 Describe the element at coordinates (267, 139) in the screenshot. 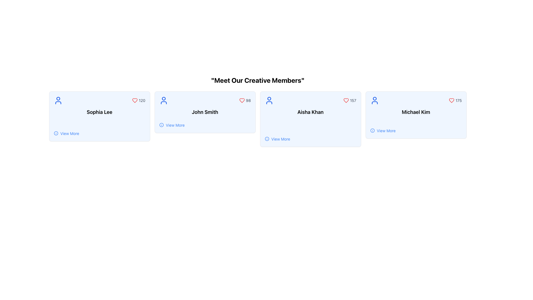

I see `the circular blue 'i' icon in the 'View More' link of the 'Aisha Khan' card, located in the third column from the left` at that location.